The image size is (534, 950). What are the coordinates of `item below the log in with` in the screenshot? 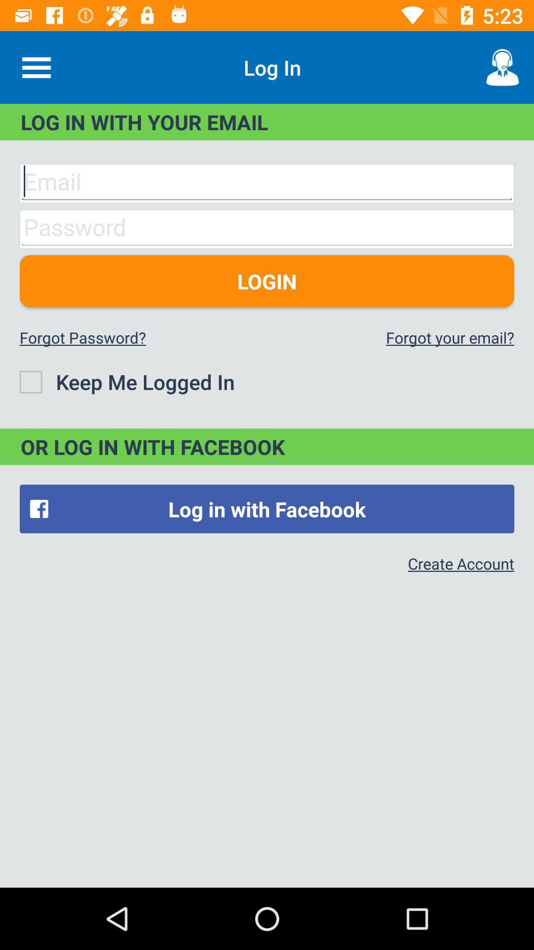 It's located at (461, 563).